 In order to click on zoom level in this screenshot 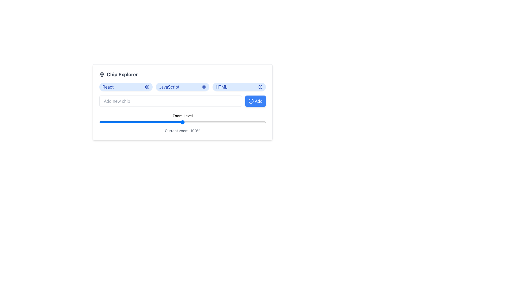, I will do `click(195, 122)`.